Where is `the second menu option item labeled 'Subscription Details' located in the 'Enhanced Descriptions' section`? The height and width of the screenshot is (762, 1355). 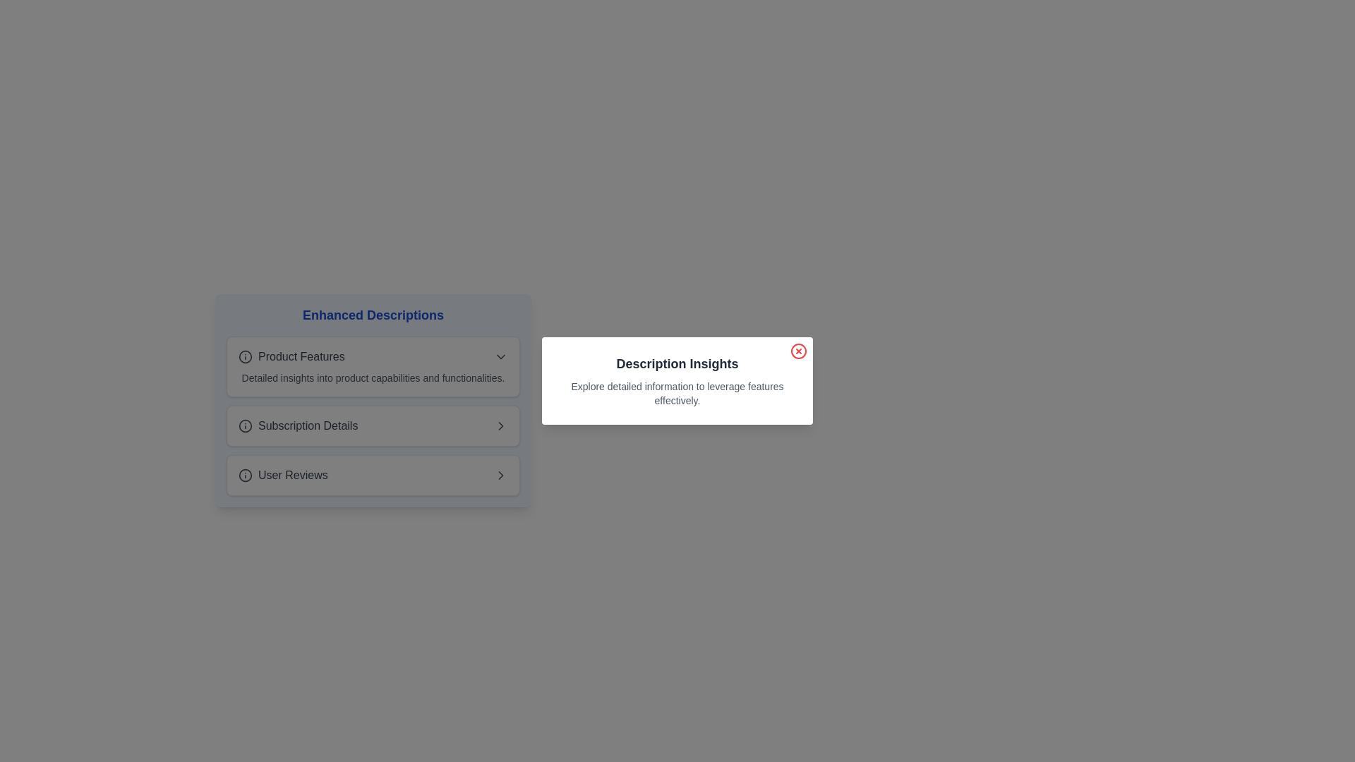
the second menu option item labeled 'Subscription Details' located in the 'Enhanced Descriptions' section is located at coordinates (373, 425).